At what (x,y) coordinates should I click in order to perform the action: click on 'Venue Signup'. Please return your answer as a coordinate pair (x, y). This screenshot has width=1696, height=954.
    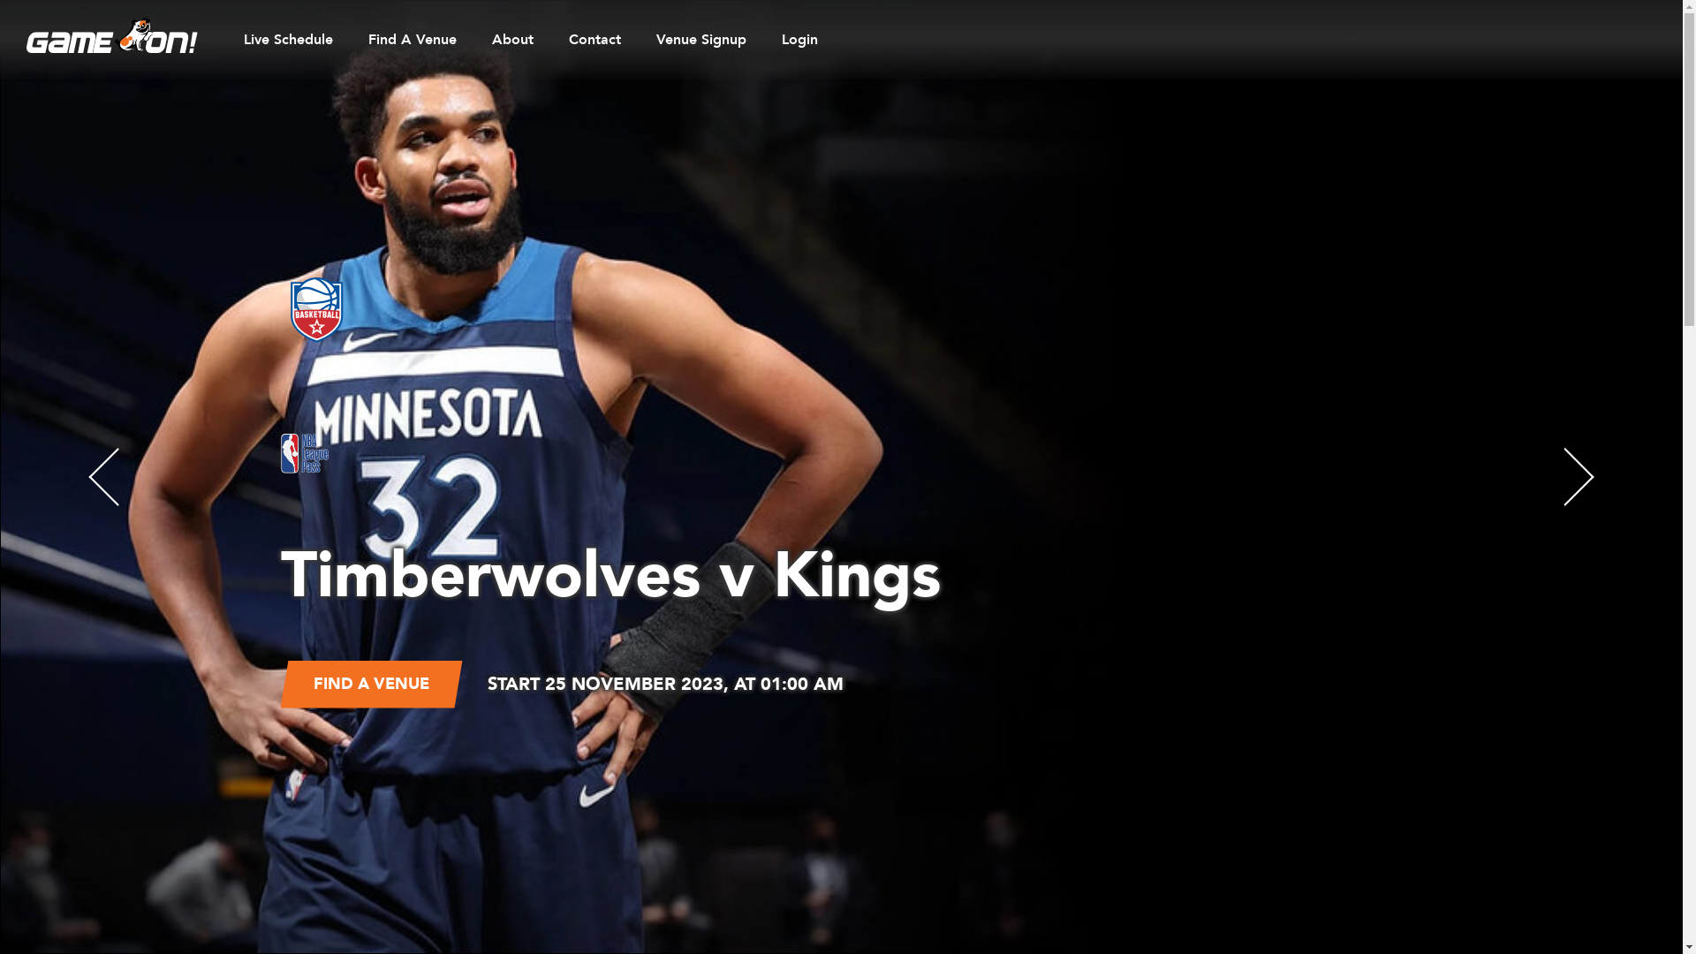
    Looking at the image, I should click on (655, 40).